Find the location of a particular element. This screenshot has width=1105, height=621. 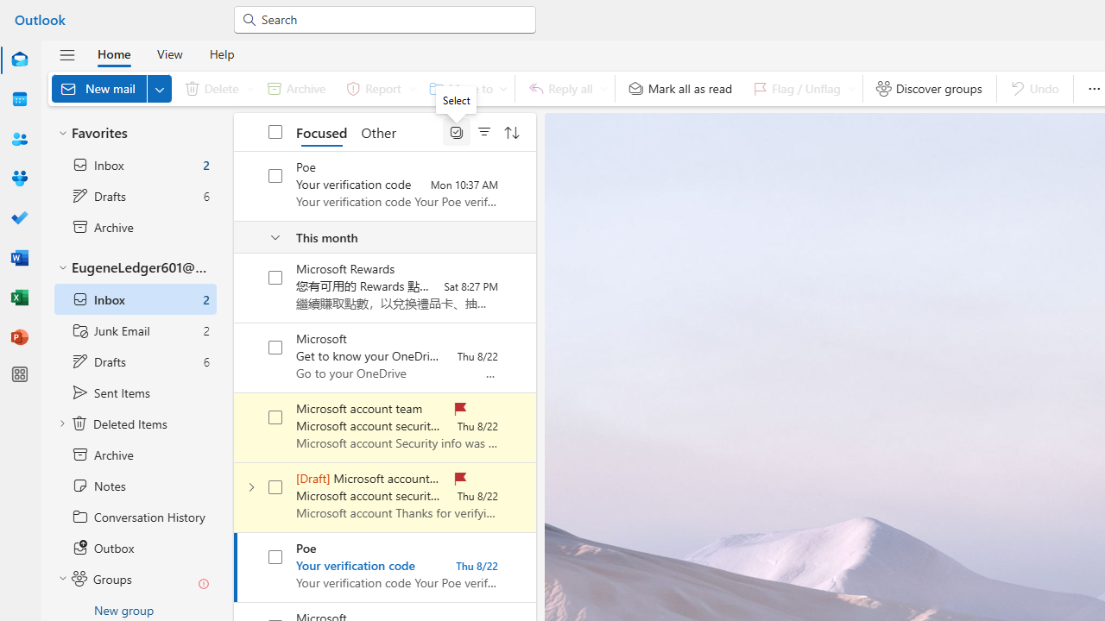

'Expand to see flag options' is located at coordinates (851, 88).